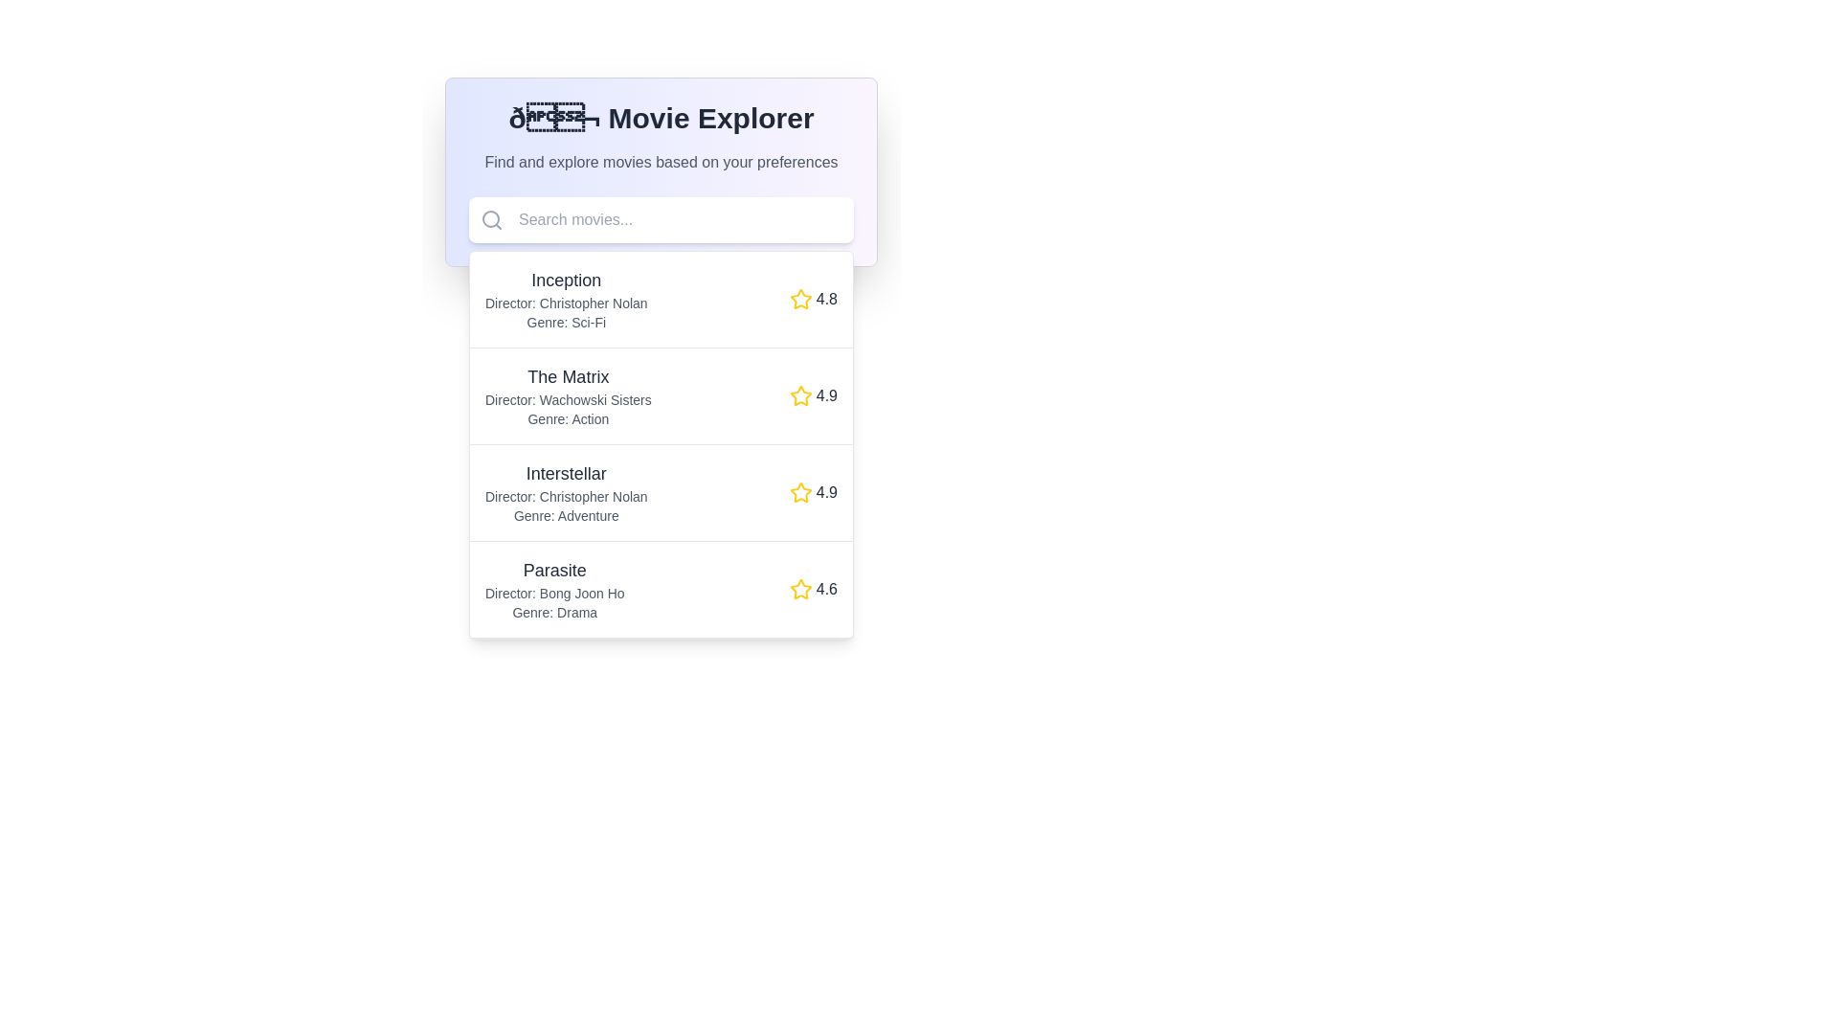 The width and height of the screenshot is (1838, 1034). I want to click on the static text displaying the rating '4.9' for the movie 'The Matrix', which is styled with a gray font and located next to a yellow star icon, so click(826, 394).